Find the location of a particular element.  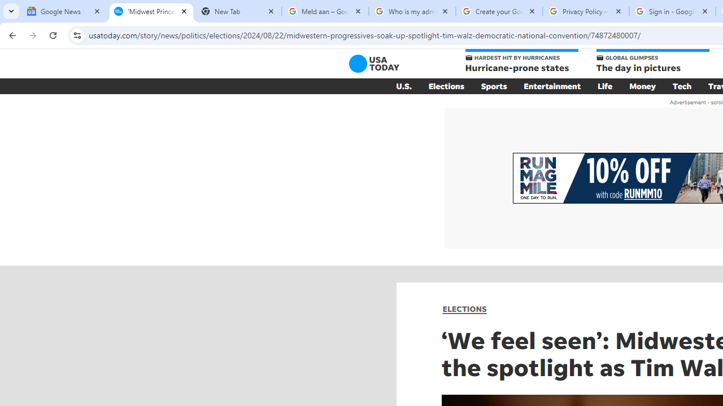

'ELECTIONS' is located at coordinates (464, 309).